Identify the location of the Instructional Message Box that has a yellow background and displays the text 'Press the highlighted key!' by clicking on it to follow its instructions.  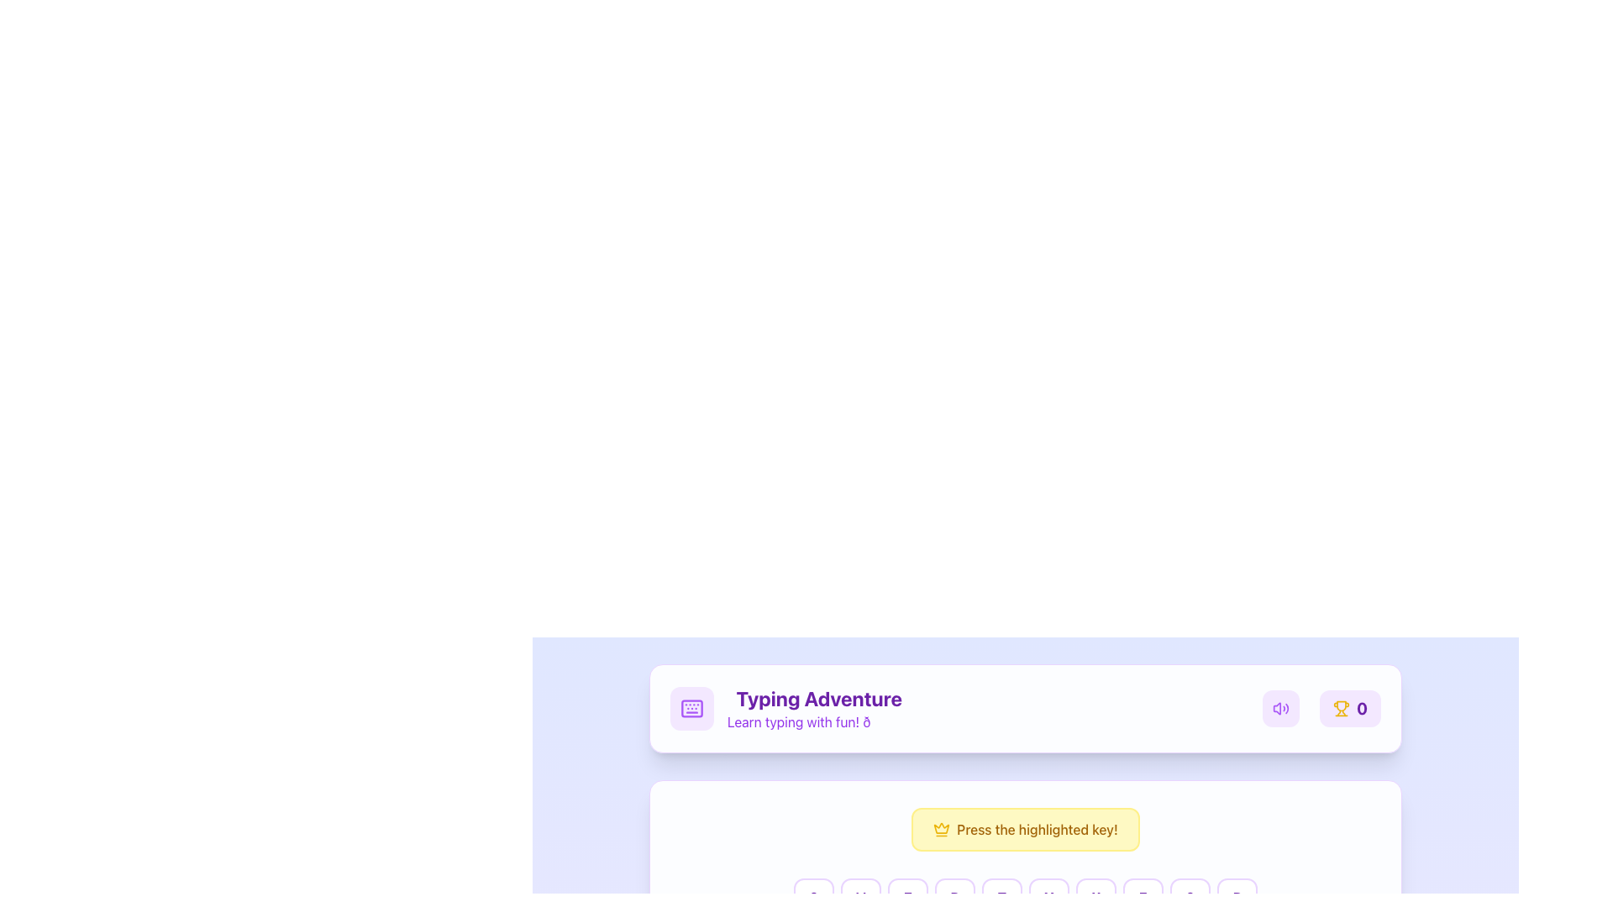
(1024, 828).